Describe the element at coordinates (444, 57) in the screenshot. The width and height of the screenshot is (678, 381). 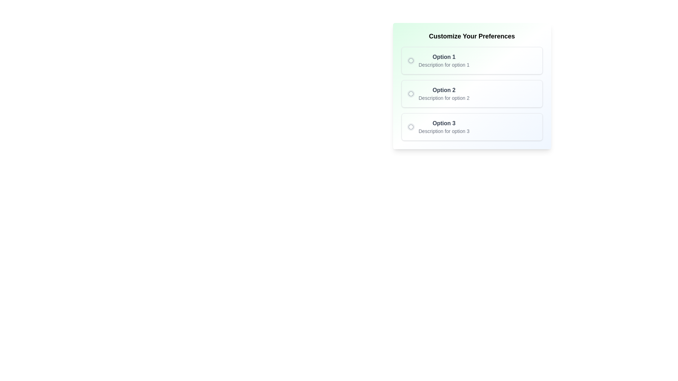
I see `the first label that identifies the first option in the selection list, positioned at the top of the selectable option list` at that location.